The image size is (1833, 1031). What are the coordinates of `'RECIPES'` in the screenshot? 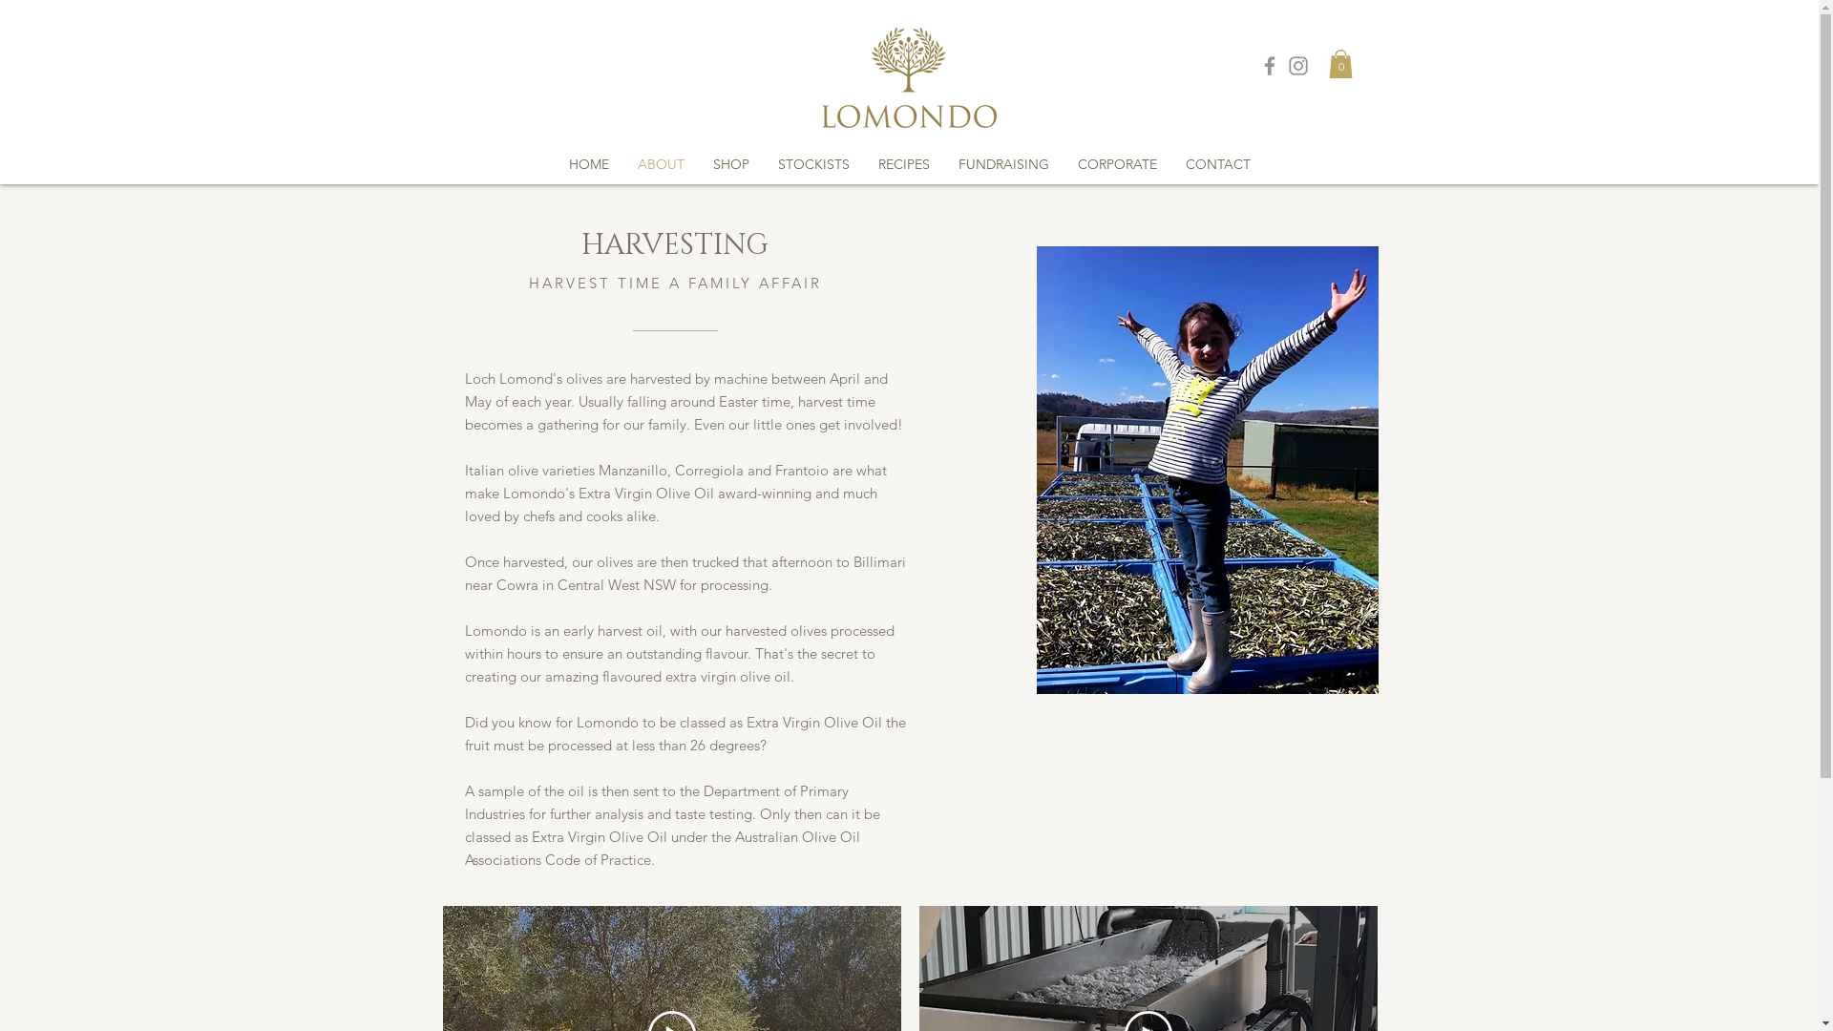 It's located at (901, 163).